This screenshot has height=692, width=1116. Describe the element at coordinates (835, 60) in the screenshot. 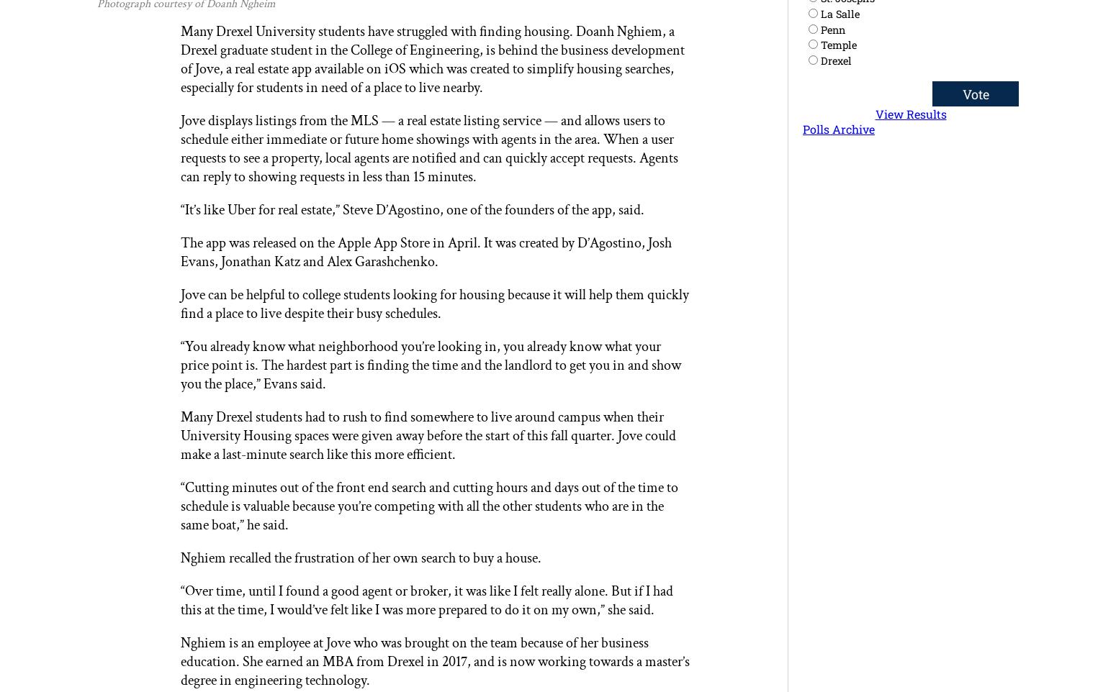

I see `'Drexel'` at that location.